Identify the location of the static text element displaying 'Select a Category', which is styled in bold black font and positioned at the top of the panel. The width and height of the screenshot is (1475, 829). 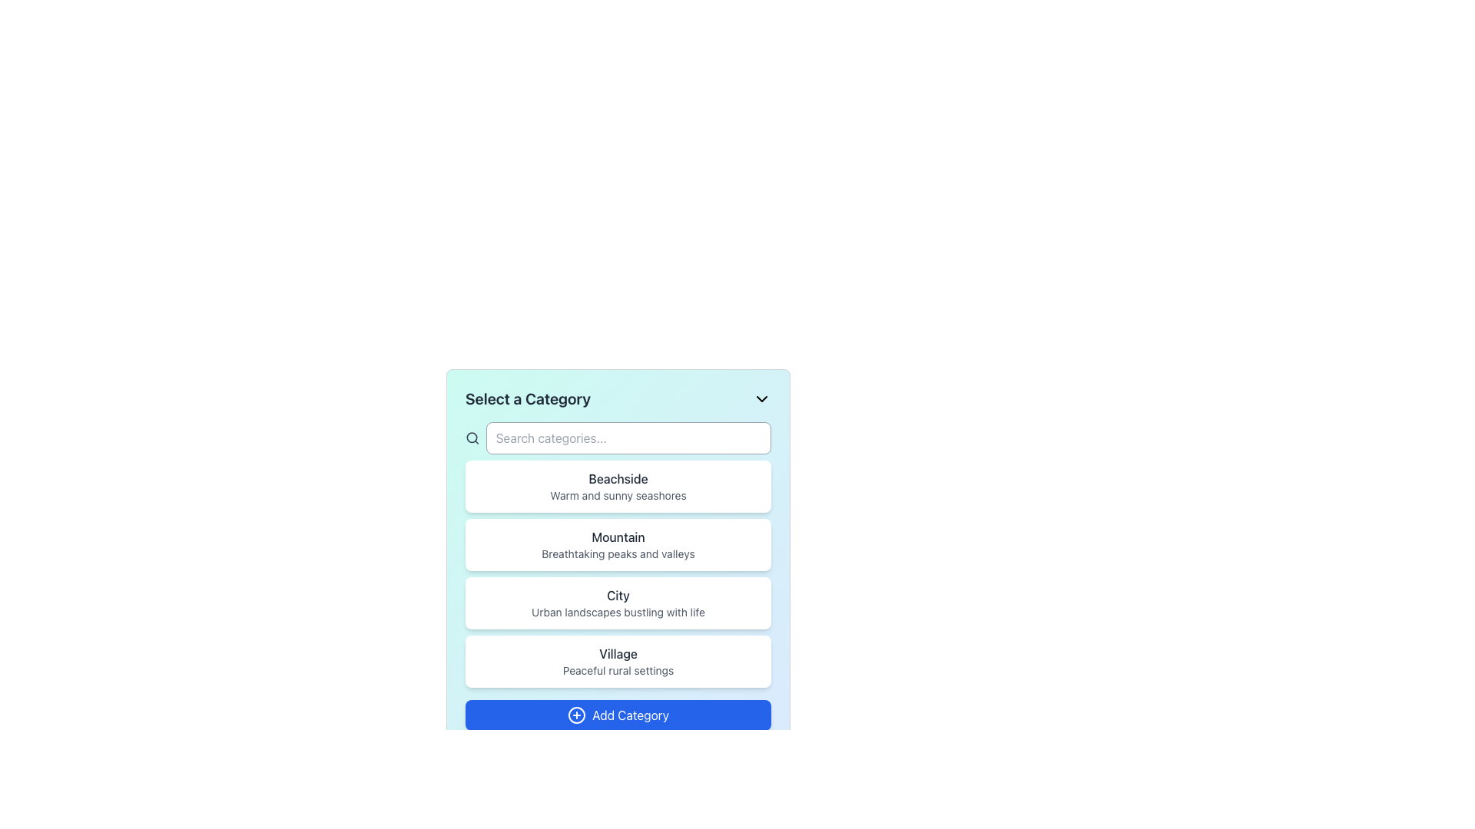
(528, 398).